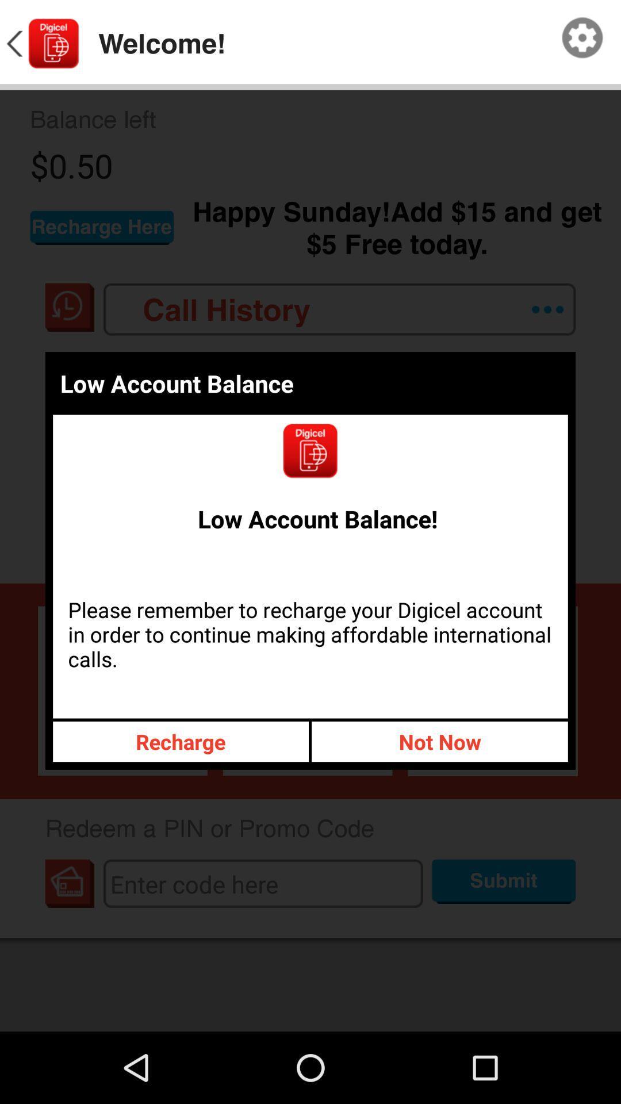  I want to click on the arrow_backward icon, so click(41, 46).